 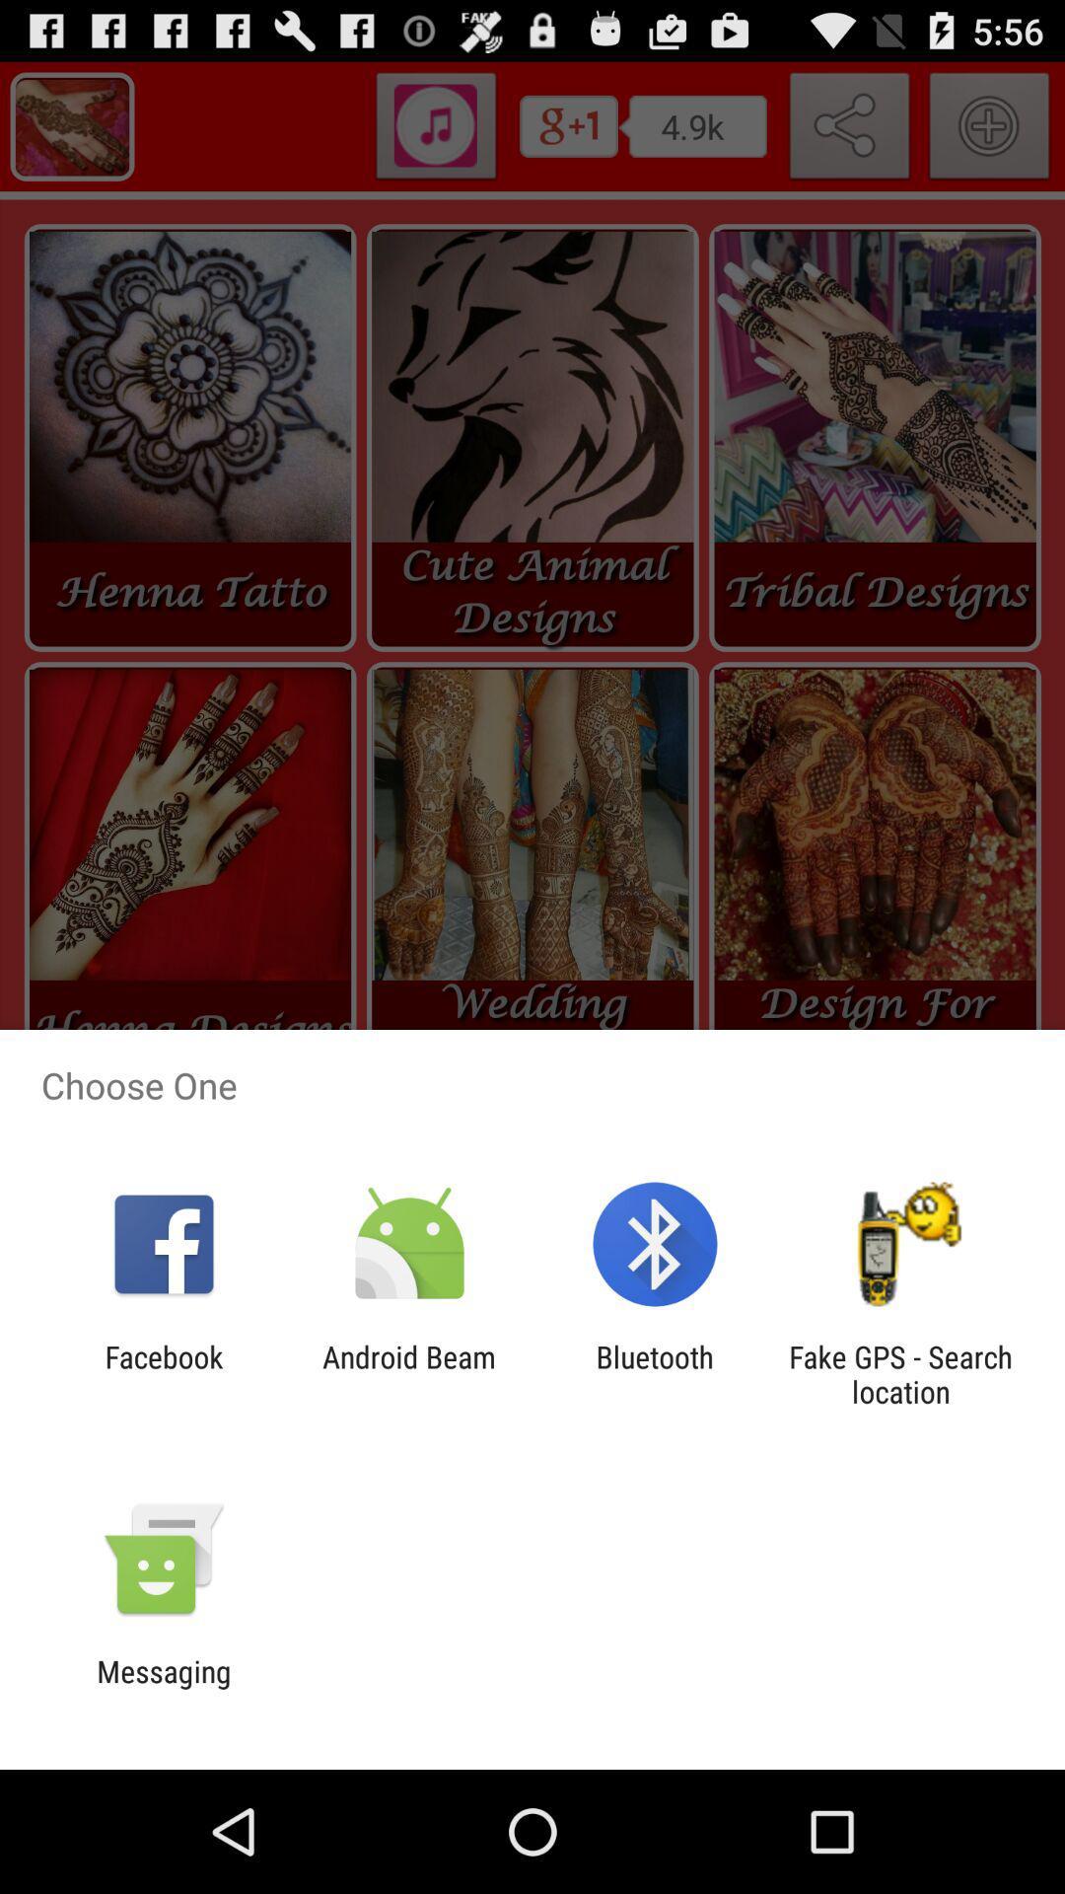 What do you see at coordinates (163, 1373) in the screenshot?
I see `the item to the left of android beam icon` at bounding box center [163, 1373].